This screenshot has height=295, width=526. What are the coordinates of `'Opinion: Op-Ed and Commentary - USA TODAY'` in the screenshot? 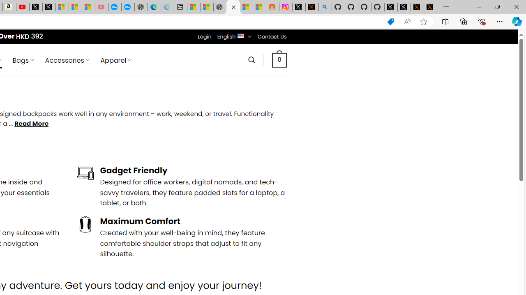 It's located at (114, 7).